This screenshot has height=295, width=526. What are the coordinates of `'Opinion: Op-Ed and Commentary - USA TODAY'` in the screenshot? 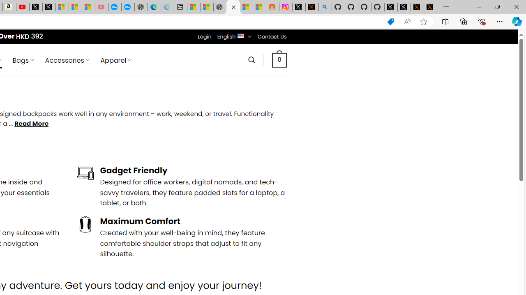 It's located at (114, 7).